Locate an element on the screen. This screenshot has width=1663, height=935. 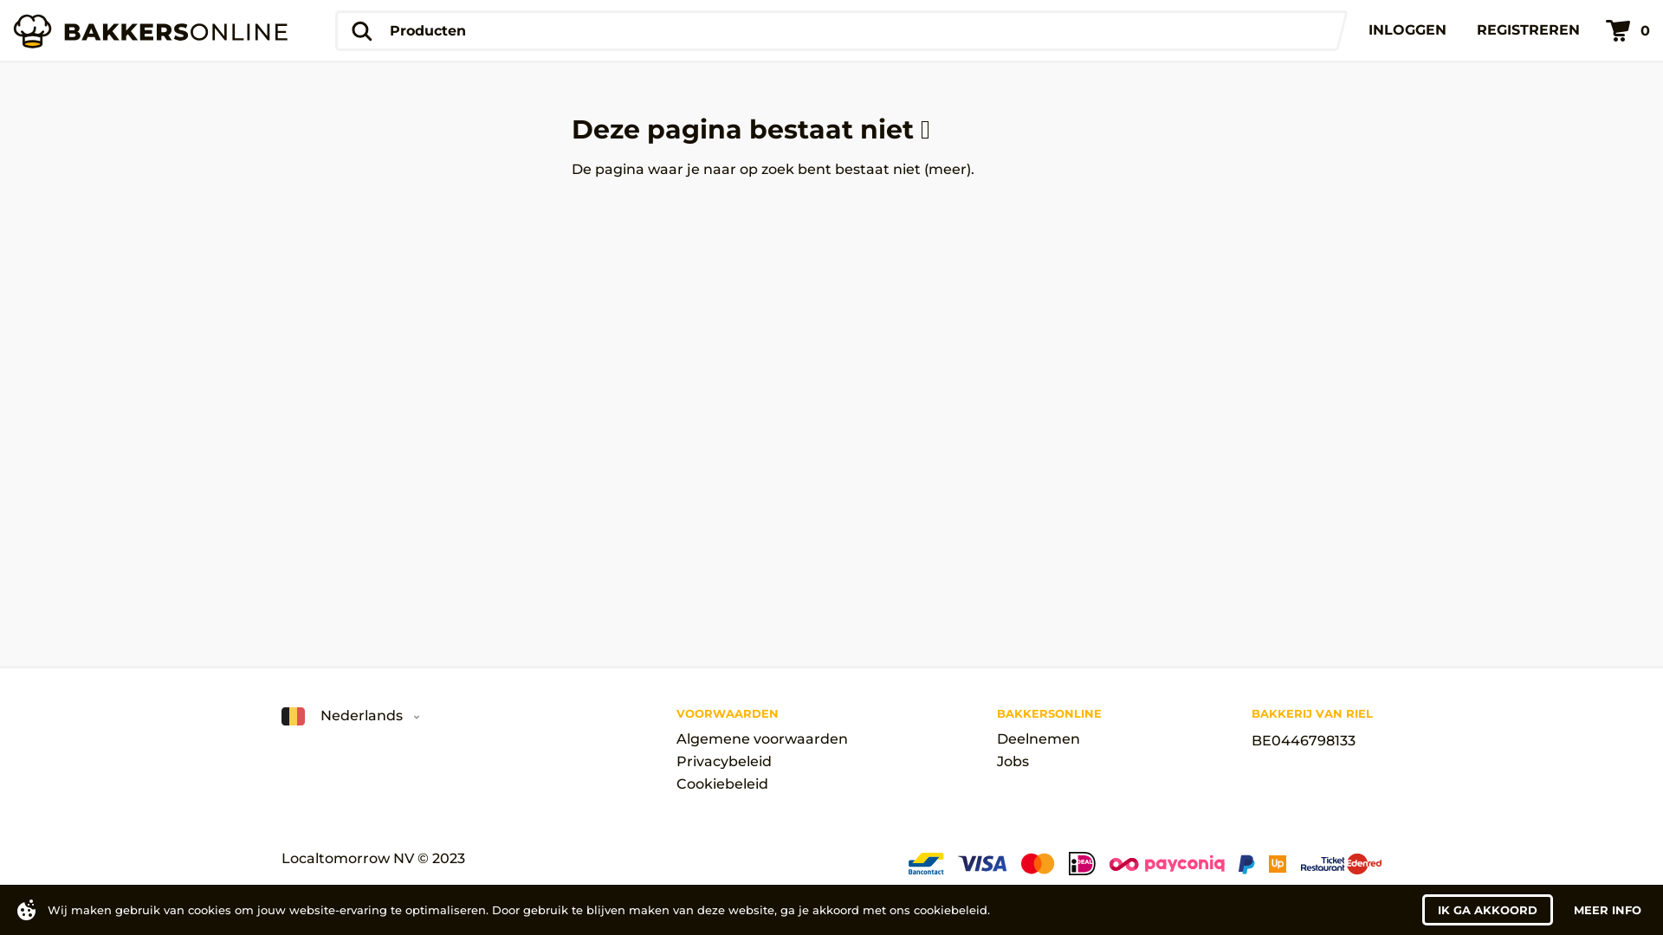
'INLOGGEN' is located at coordinates (1407, 29).